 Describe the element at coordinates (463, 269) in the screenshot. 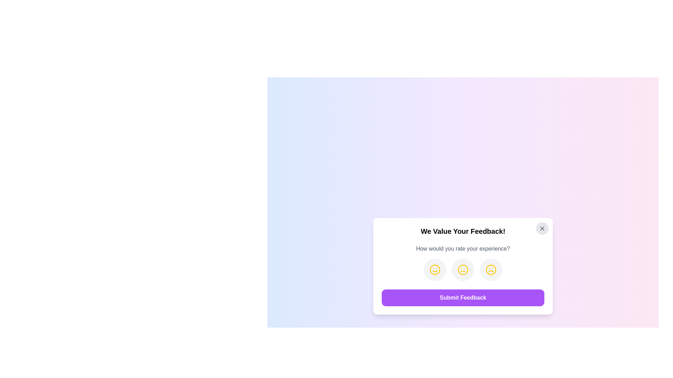

I see `the circular button with a neutral face emoji` at that location.